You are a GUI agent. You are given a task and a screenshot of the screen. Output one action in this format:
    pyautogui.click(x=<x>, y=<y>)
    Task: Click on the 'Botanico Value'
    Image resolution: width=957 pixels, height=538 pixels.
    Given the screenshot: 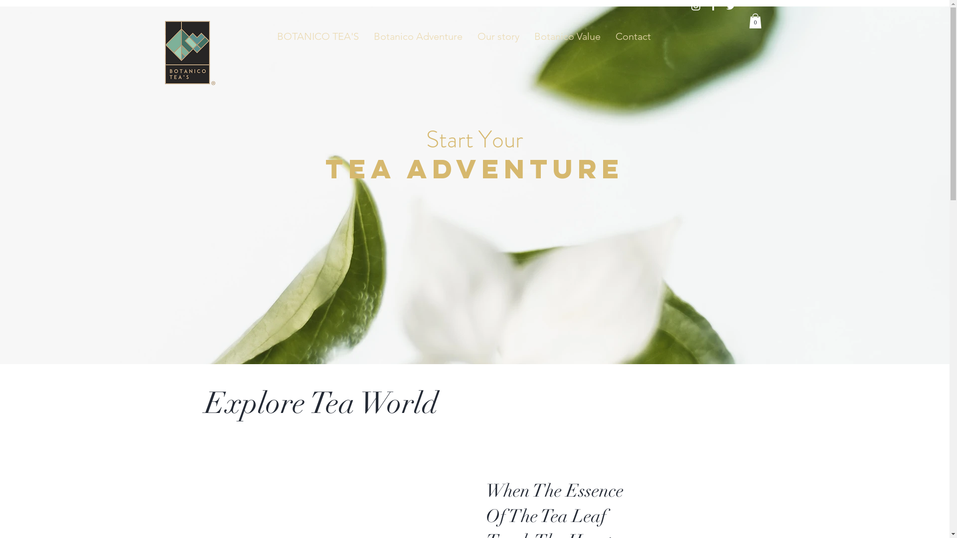 What is the action you would take?
    pyautogui.click(x=567, y=36)
    